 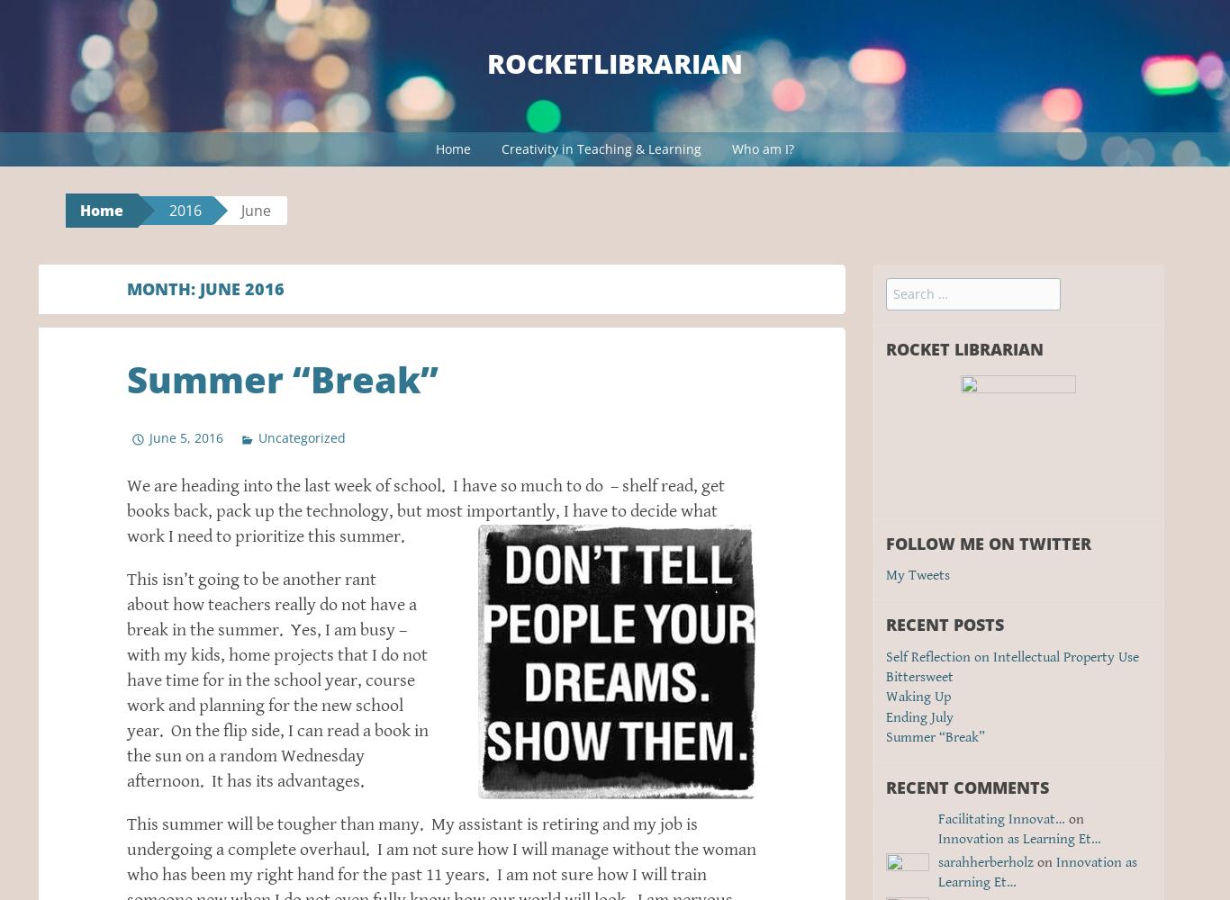 What do you see at coordinates (185, 436) in the screenshot?
I see `'June 5, 2016'` at bounding box center [185, 436].